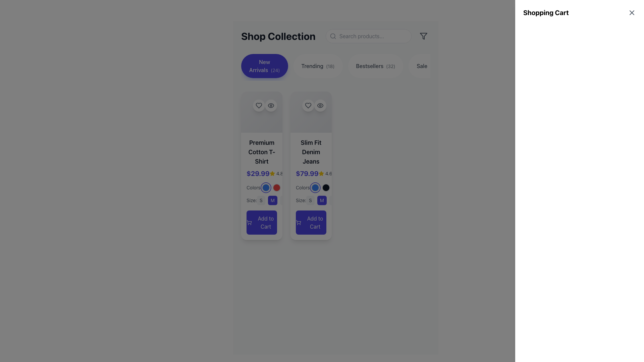 The width and height of the screenshot is (644, 362). Describe the element at coordinates (390, 66) in the screenshot. I see `the supplementary text label '(32)' located within the 'Bestsellers' button, which is styled in a smaller font size and reduced opacity, positioned to the right of 'Bestsellers'` at that location.